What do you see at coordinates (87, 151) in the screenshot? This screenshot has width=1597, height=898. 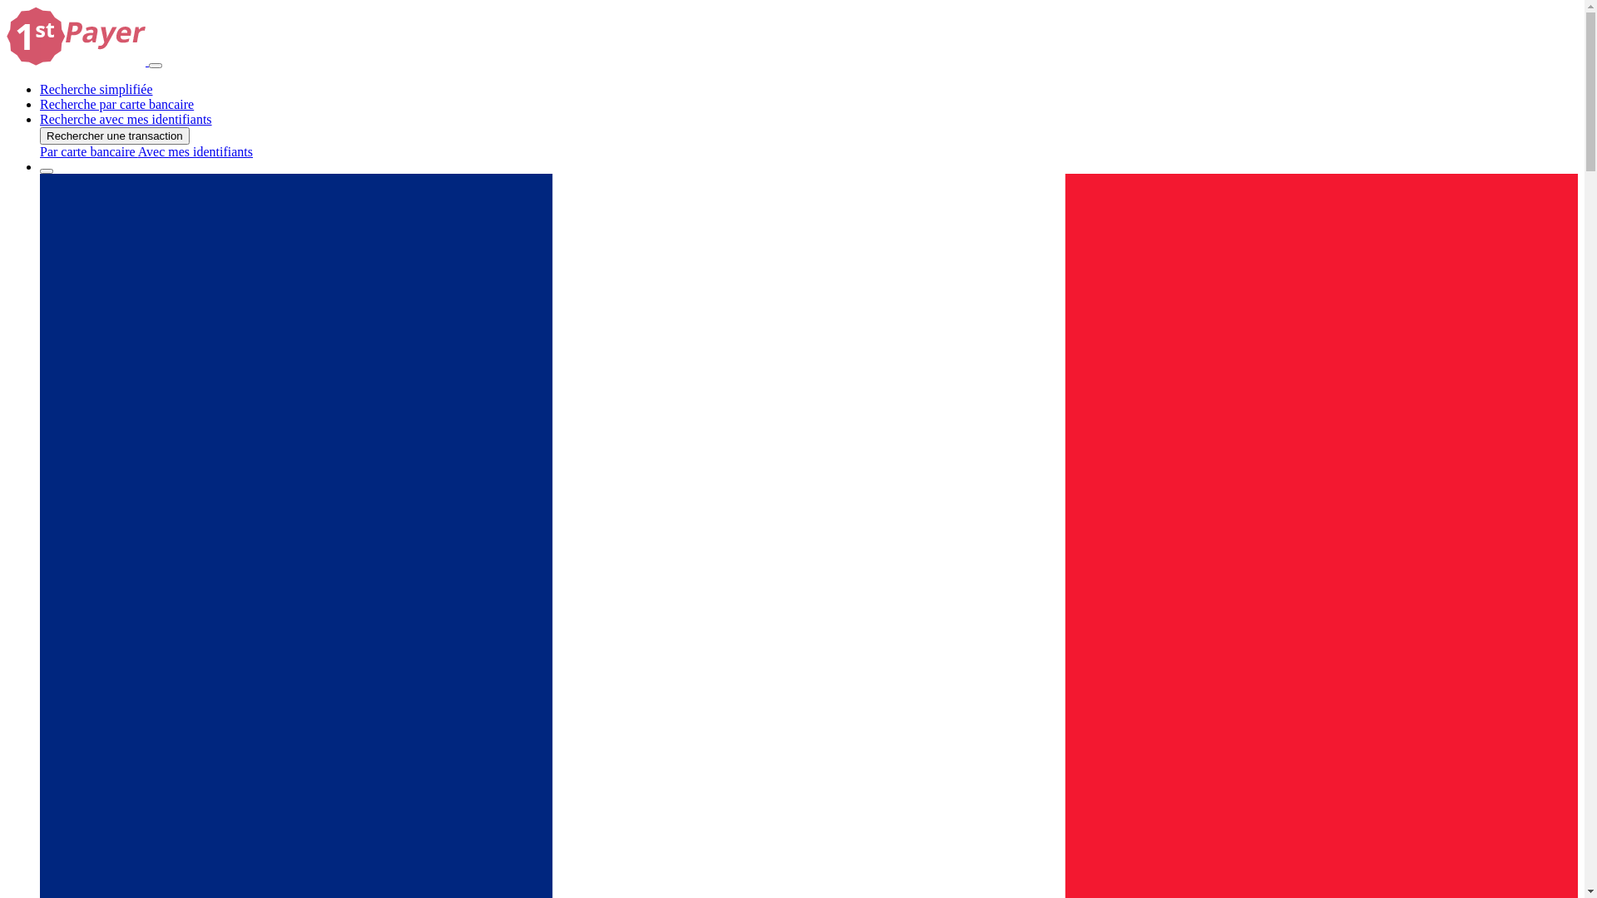 I see `'Par carte bancaire'` at bounding box center [87, 151].